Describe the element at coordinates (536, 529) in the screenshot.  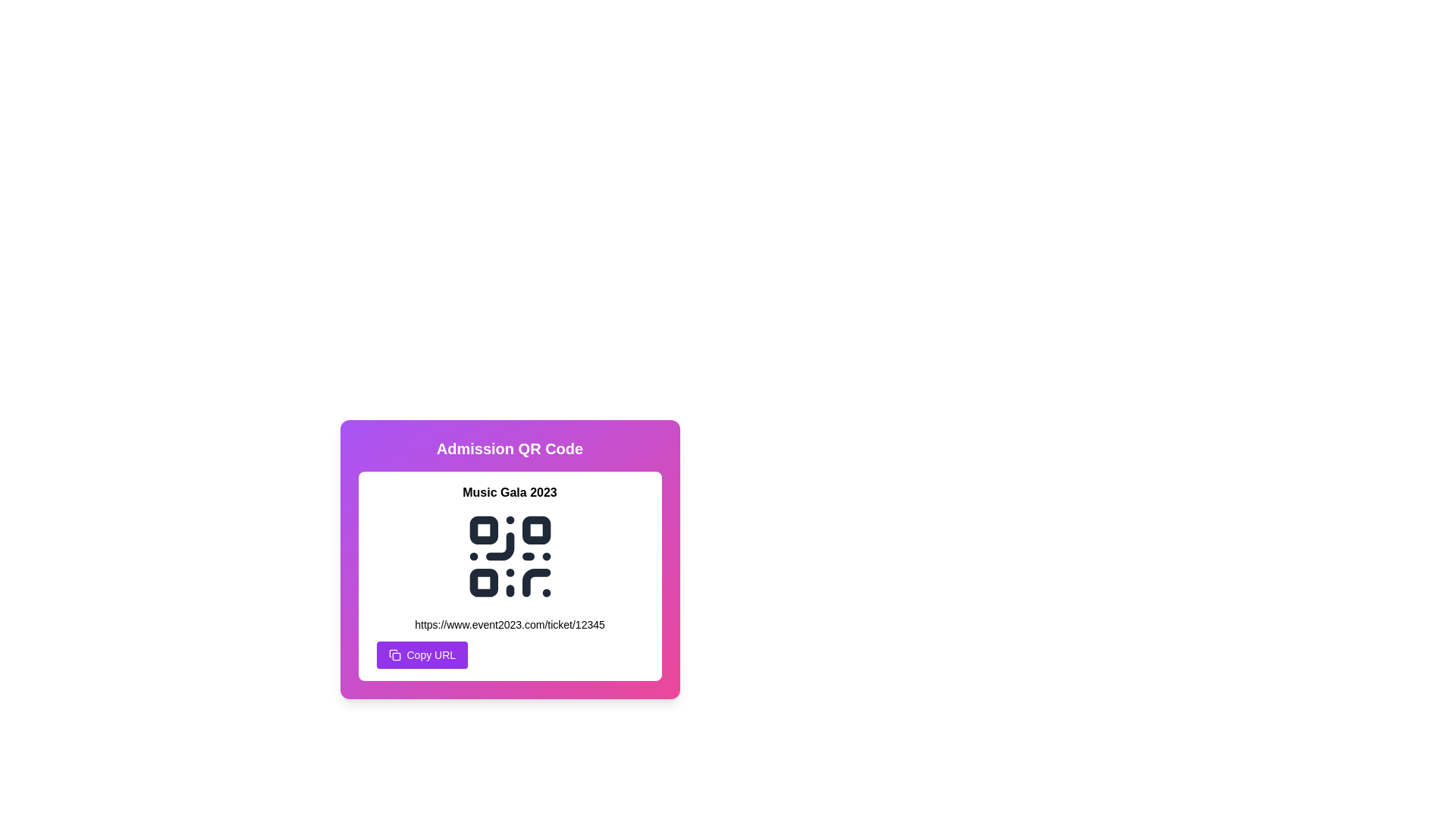
I see `the visual structure of the second small square with rounded corners, styled as a glyph-like component, located in the top-right of the QR code layout` at that location.